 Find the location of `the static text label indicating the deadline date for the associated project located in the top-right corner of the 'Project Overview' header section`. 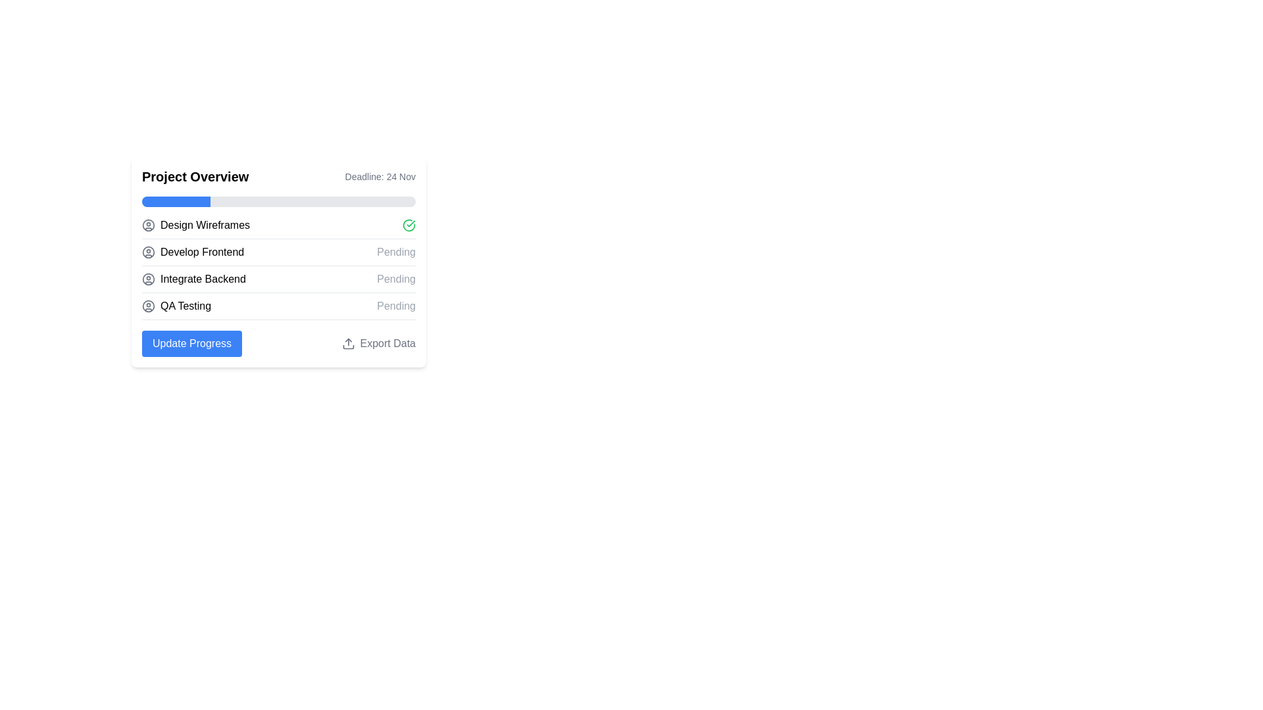

the static text label indicating the deadline date for the associated project located in the top-right corner of the 'Project Overview' header section is located at coordinates (380, 176).